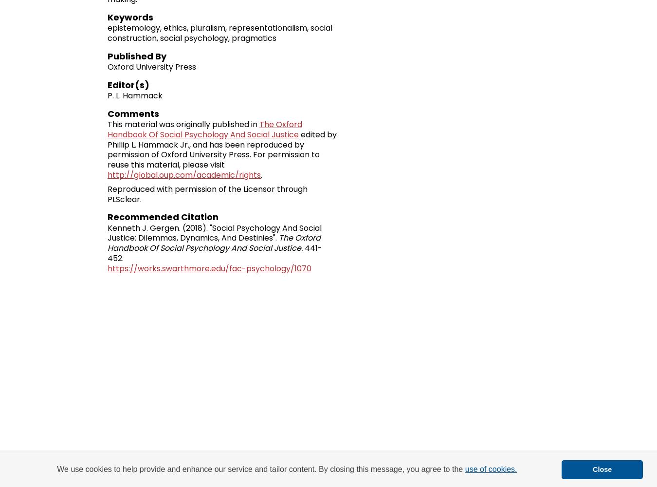 The height and width of the screenshot is (487, 657). I want to click on 'Home', so click(105, 460).